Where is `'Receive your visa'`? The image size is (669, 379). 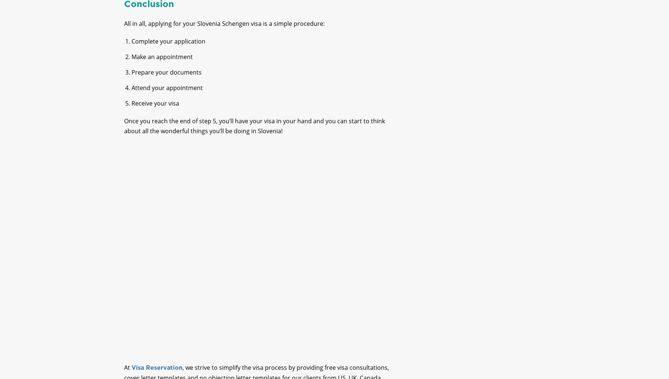 'Receive your visa' is located at coordinates (130, 109).